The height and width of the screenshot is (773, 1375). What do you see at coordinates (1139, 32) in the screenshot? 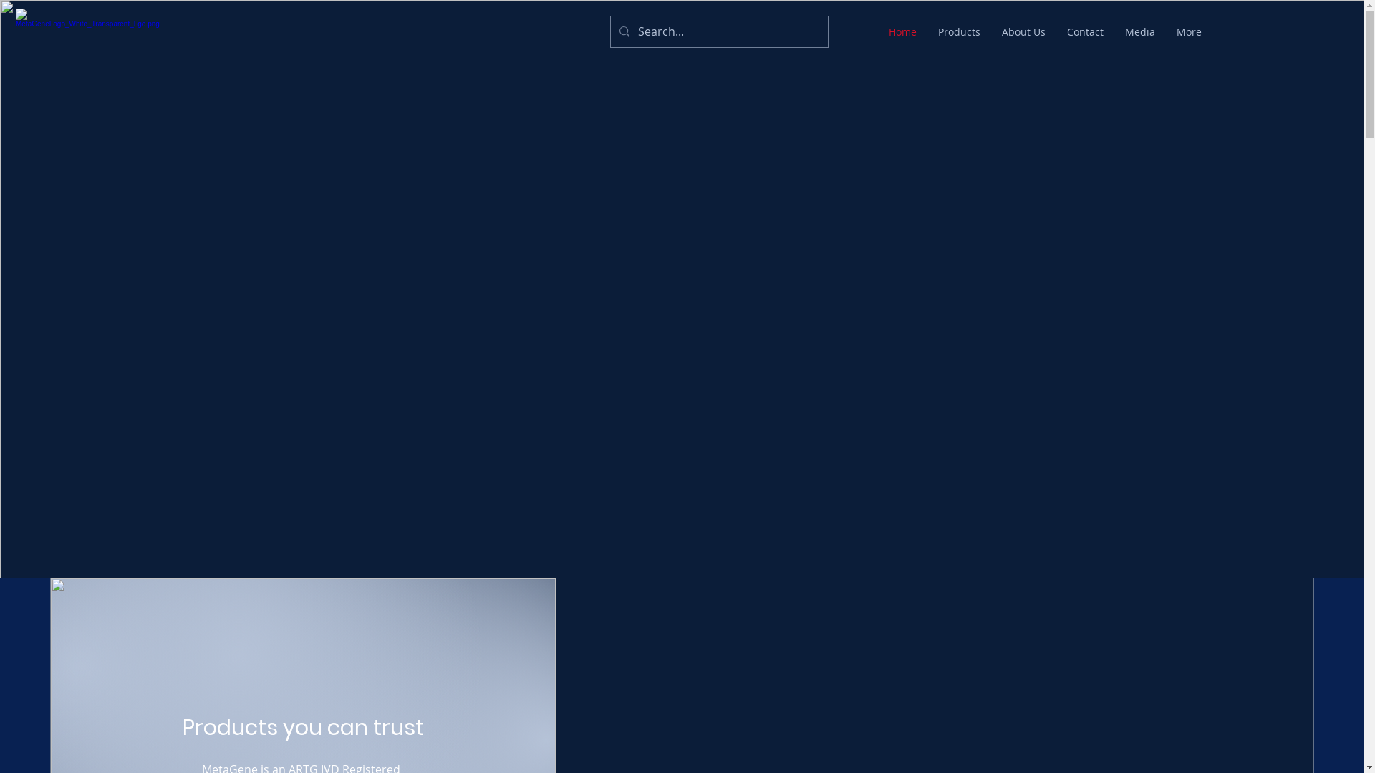
I see `'Media'` at bounding box center [1139, 32].